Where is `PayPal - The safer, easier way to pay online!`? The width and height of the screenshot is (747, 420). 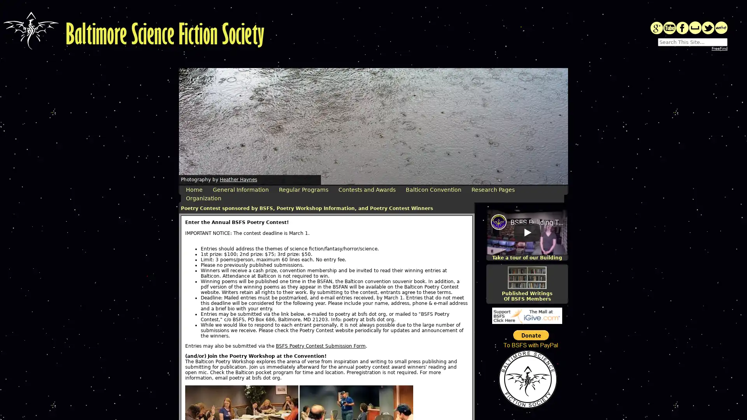
PayPal - The safer, easier way to pay online! is located at coordinates (531, 339).